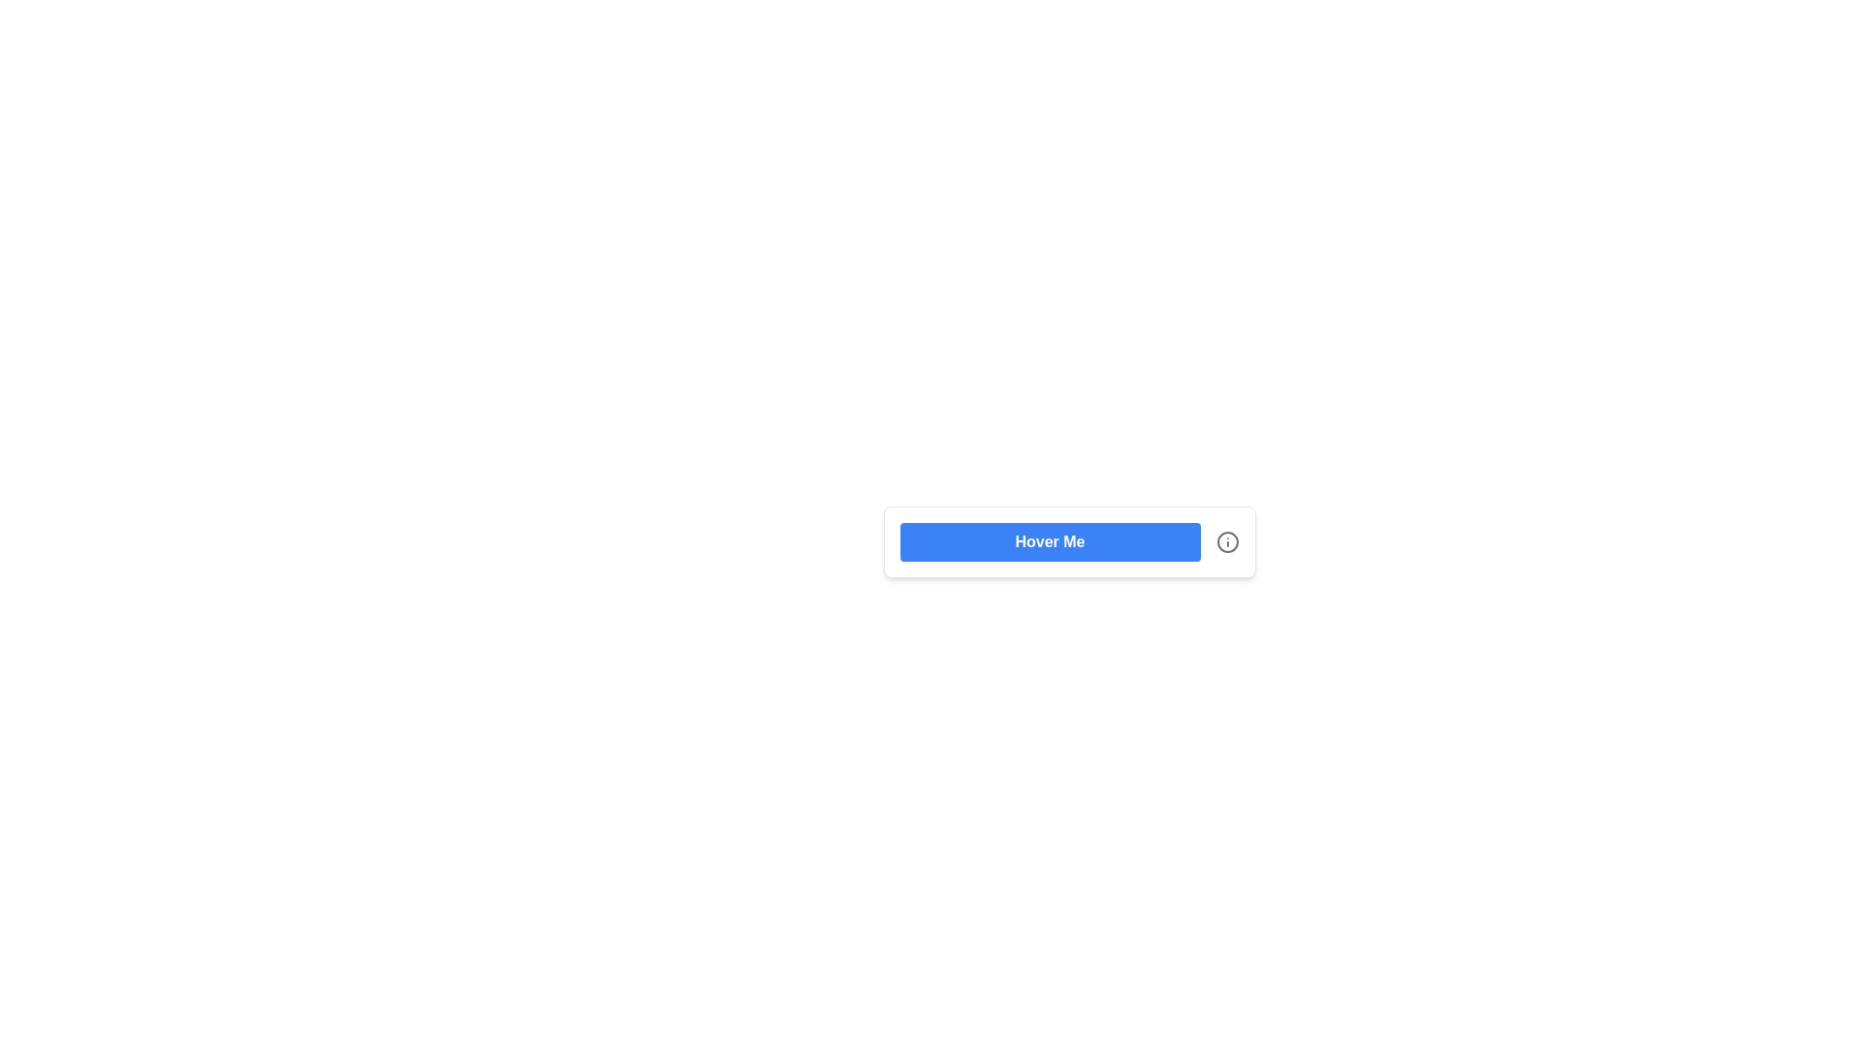 The image size is (1861, 1046). I want to click on the information icon located immediately to the right of the 'Hover Me' button, which serves as an information tooltip, so click(1226, 541).